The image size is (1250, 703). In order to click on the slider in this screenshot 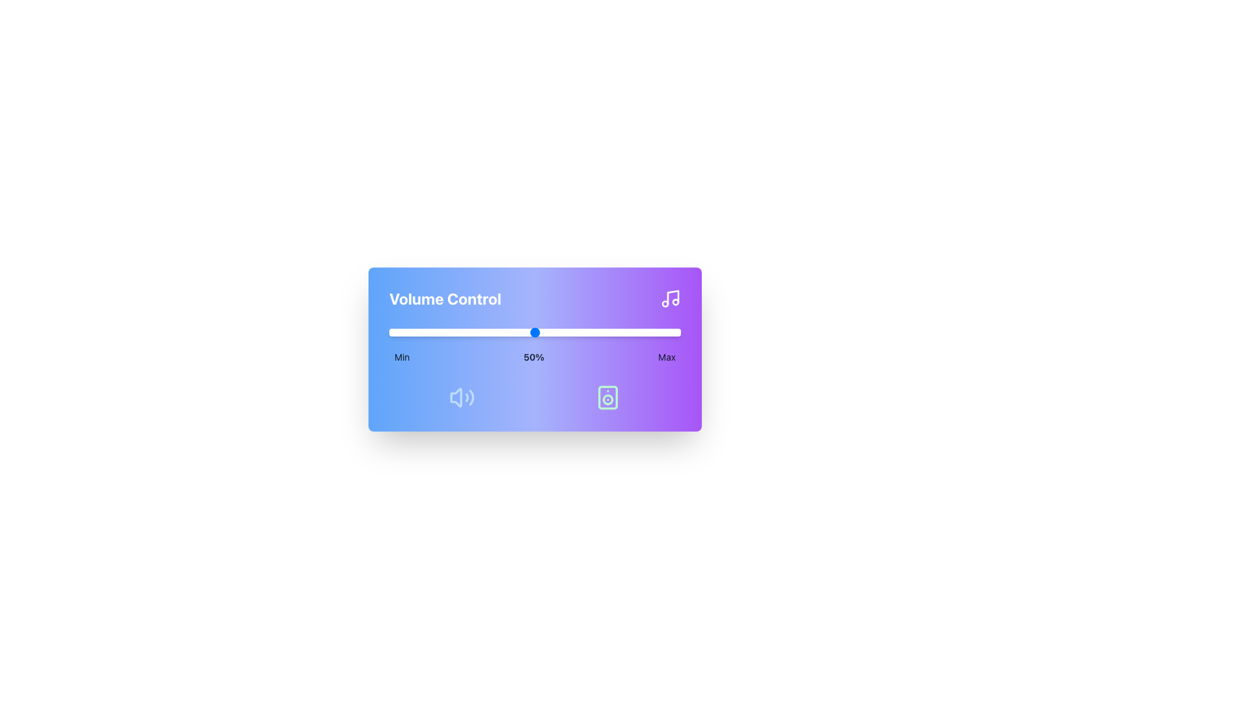, I will do `click(462, 331)`.